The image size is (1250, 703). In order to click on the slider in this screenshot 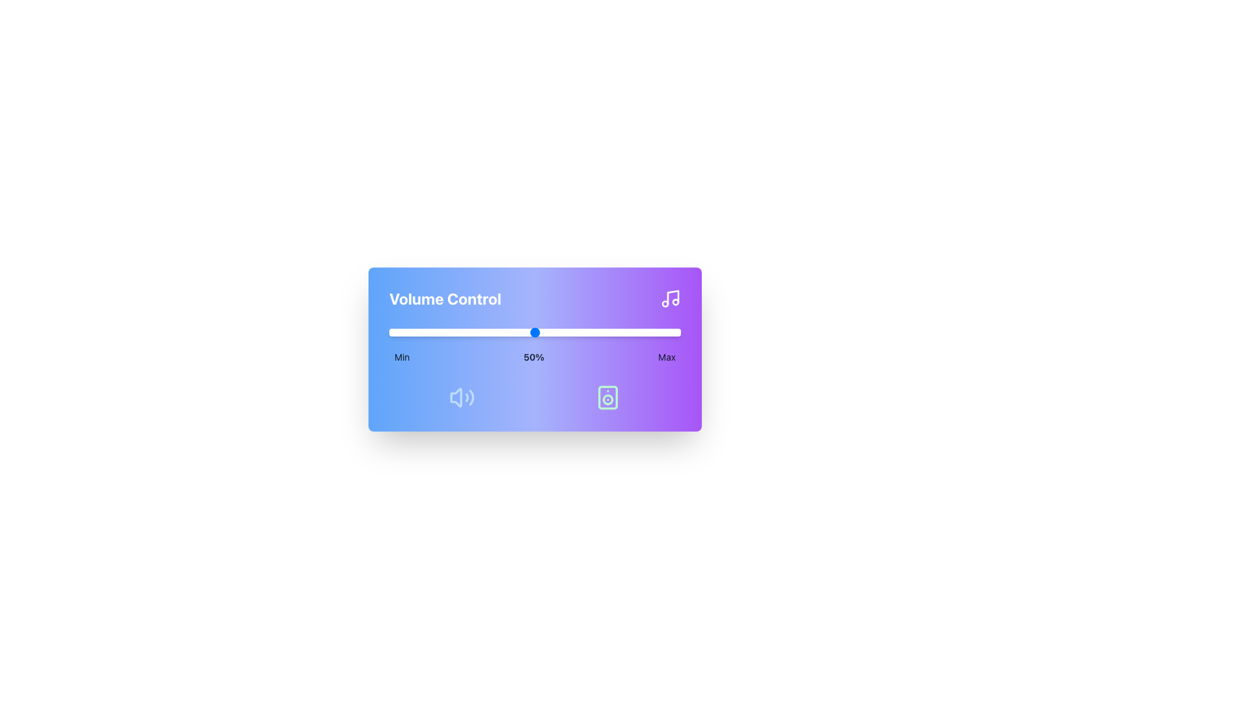, I will do `click(462, 331)`.